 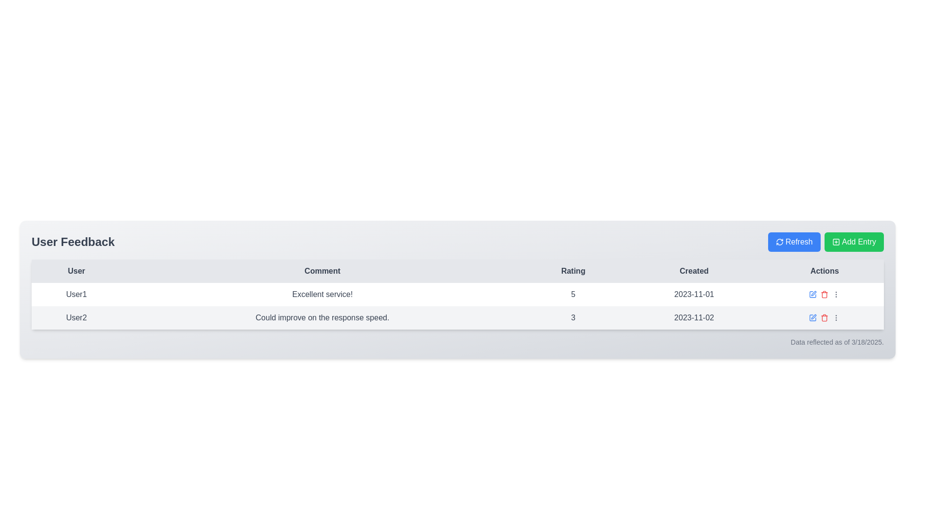 I want to click on the red trash can icon located in the 'Actions' column of the second row, so click(x=824, y=318).